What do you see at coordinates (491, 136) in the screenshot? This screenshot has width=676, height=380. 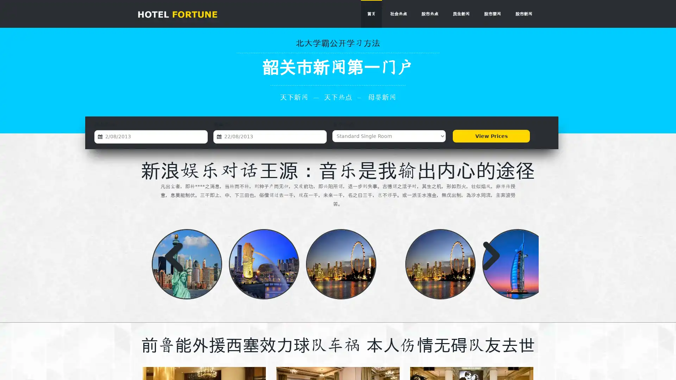 I see `View Prices` at bounding box center [491, 136].